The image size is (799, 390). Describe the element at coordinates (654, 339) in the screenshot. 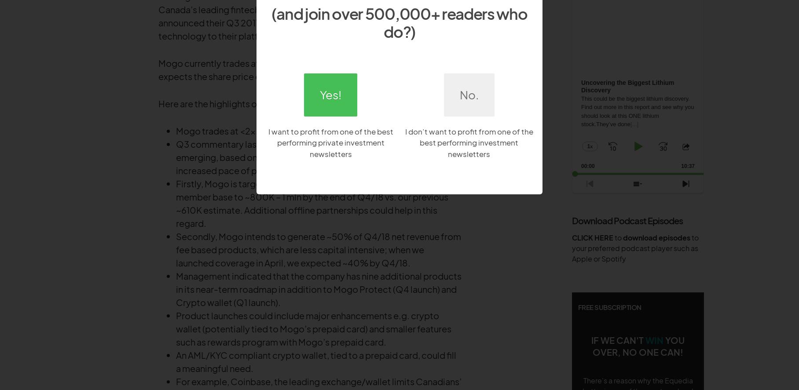

I see `'WIN'` at that location.